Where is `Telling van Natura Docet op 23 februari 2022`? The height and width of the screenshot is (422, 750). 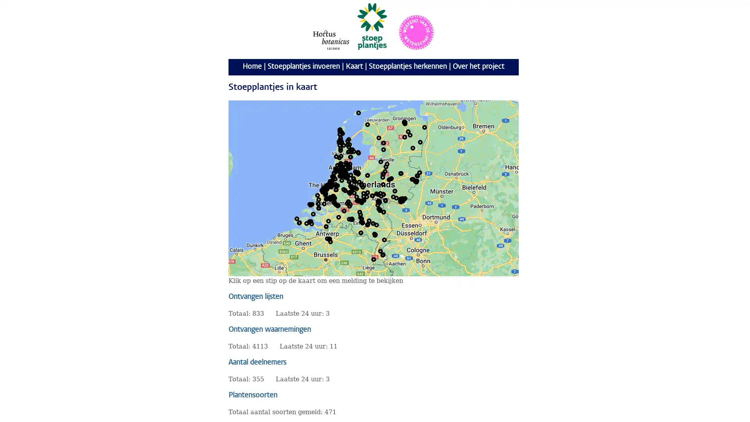
Telling van Natura Docet op 23 februari 2022 is located at coordinates (419, 172).